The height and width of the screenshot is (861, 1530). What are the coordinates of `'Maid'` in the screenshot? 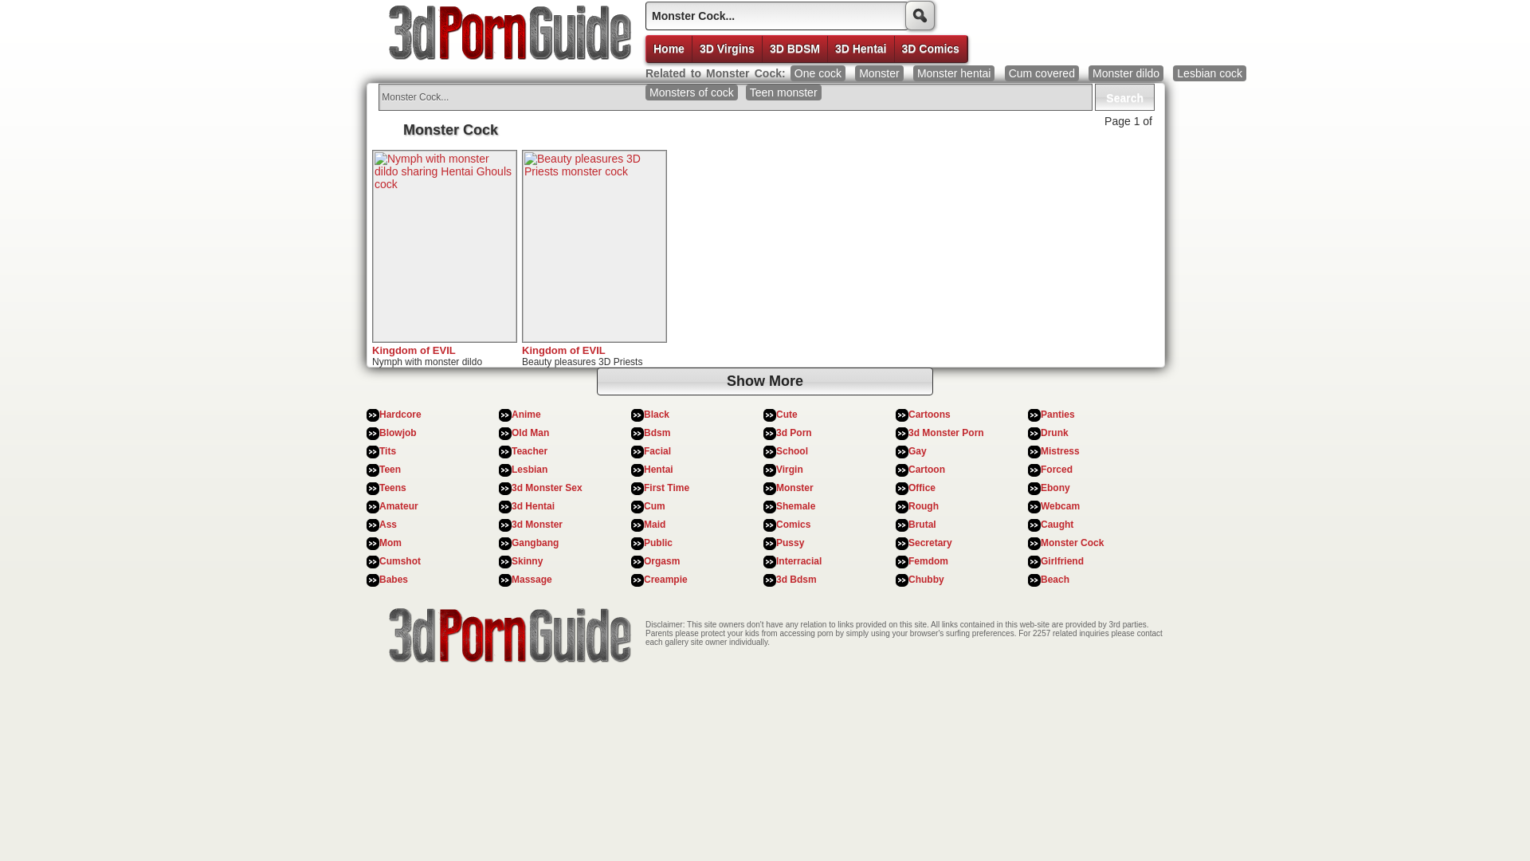 It's located at (643, 525).